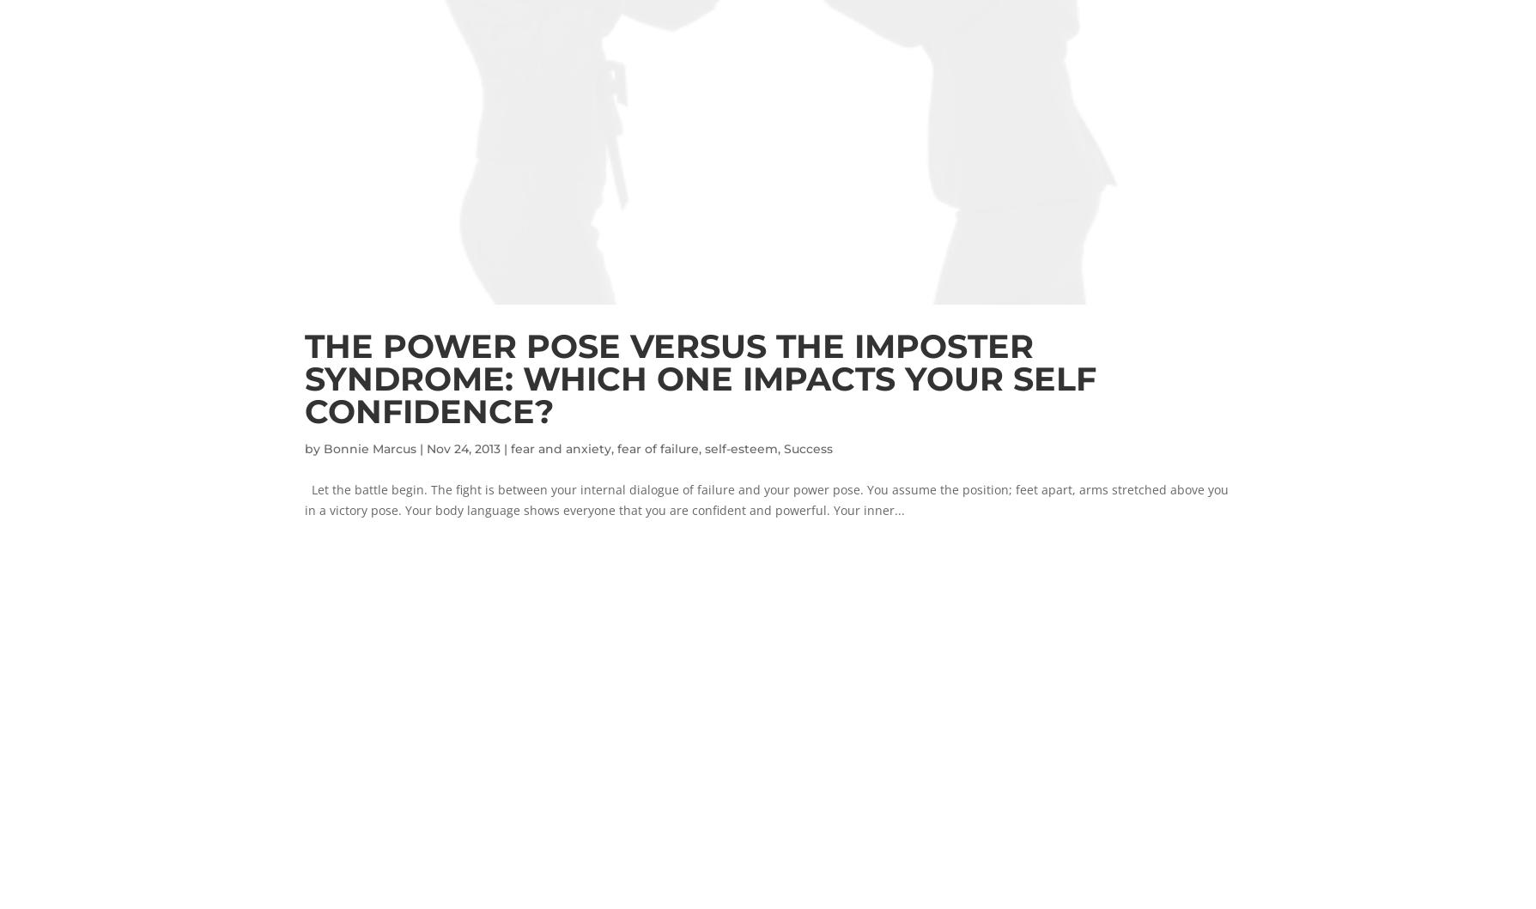 Image resolution: width=1536 pixels, height=909 pixels. Describe the element at coordinates (740, 447) in the screenshot. I see `'self-esteem'` at that location.